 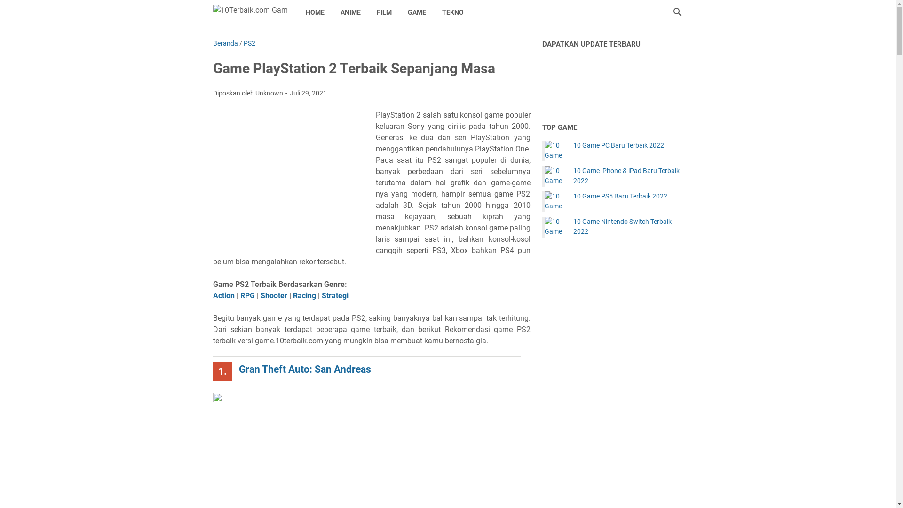 What do you see at coordinates (349, 12) in the screenshot?
I see `'ANIME'` at bounding box center [349, 12].